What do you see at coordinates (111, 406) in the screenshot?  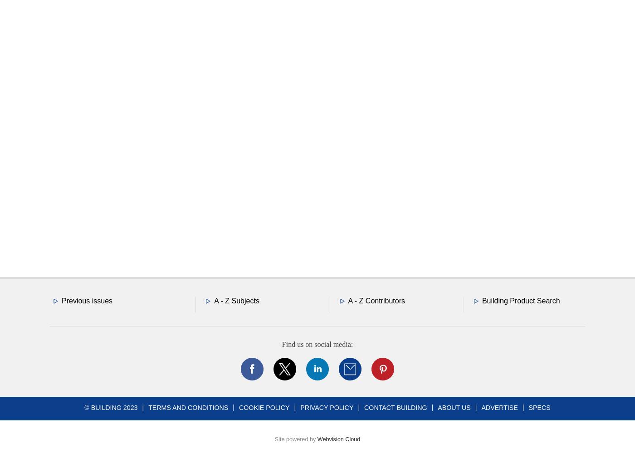 I see `'© Building 2023'` at bounding box center [111, 406].